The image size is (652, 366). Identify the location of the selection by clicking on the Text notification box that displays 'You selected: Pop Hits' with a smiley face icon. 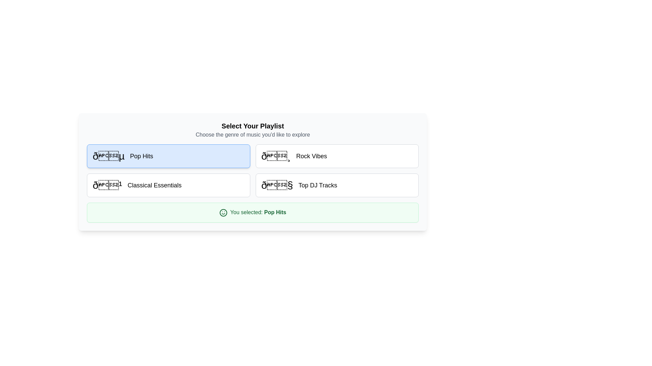
(252, 212).